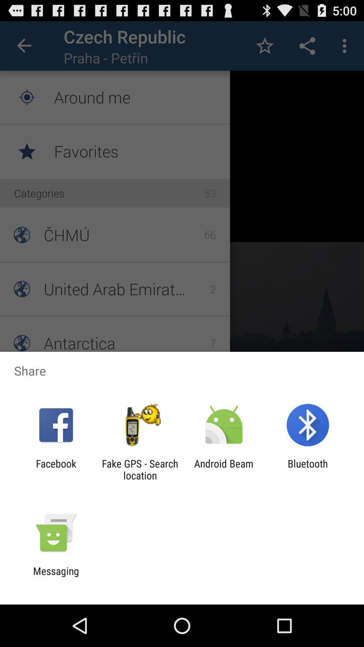 The width and height of the screenshot is (364, 647). I want to click on item next to fake gps search, so click(56, 469).